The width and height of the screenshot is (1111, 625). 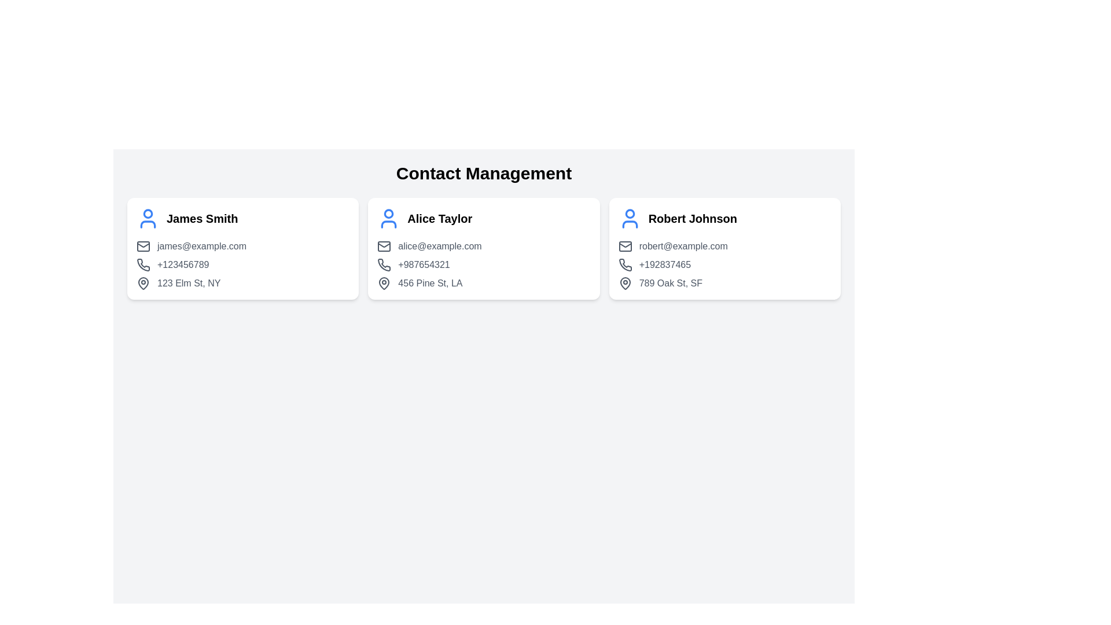 I want to click on the central SVG circle in the contact avatar for 'Alice Taylor', which is part of the visual representation on the left side of the contact card, so click(x=389, y=214).